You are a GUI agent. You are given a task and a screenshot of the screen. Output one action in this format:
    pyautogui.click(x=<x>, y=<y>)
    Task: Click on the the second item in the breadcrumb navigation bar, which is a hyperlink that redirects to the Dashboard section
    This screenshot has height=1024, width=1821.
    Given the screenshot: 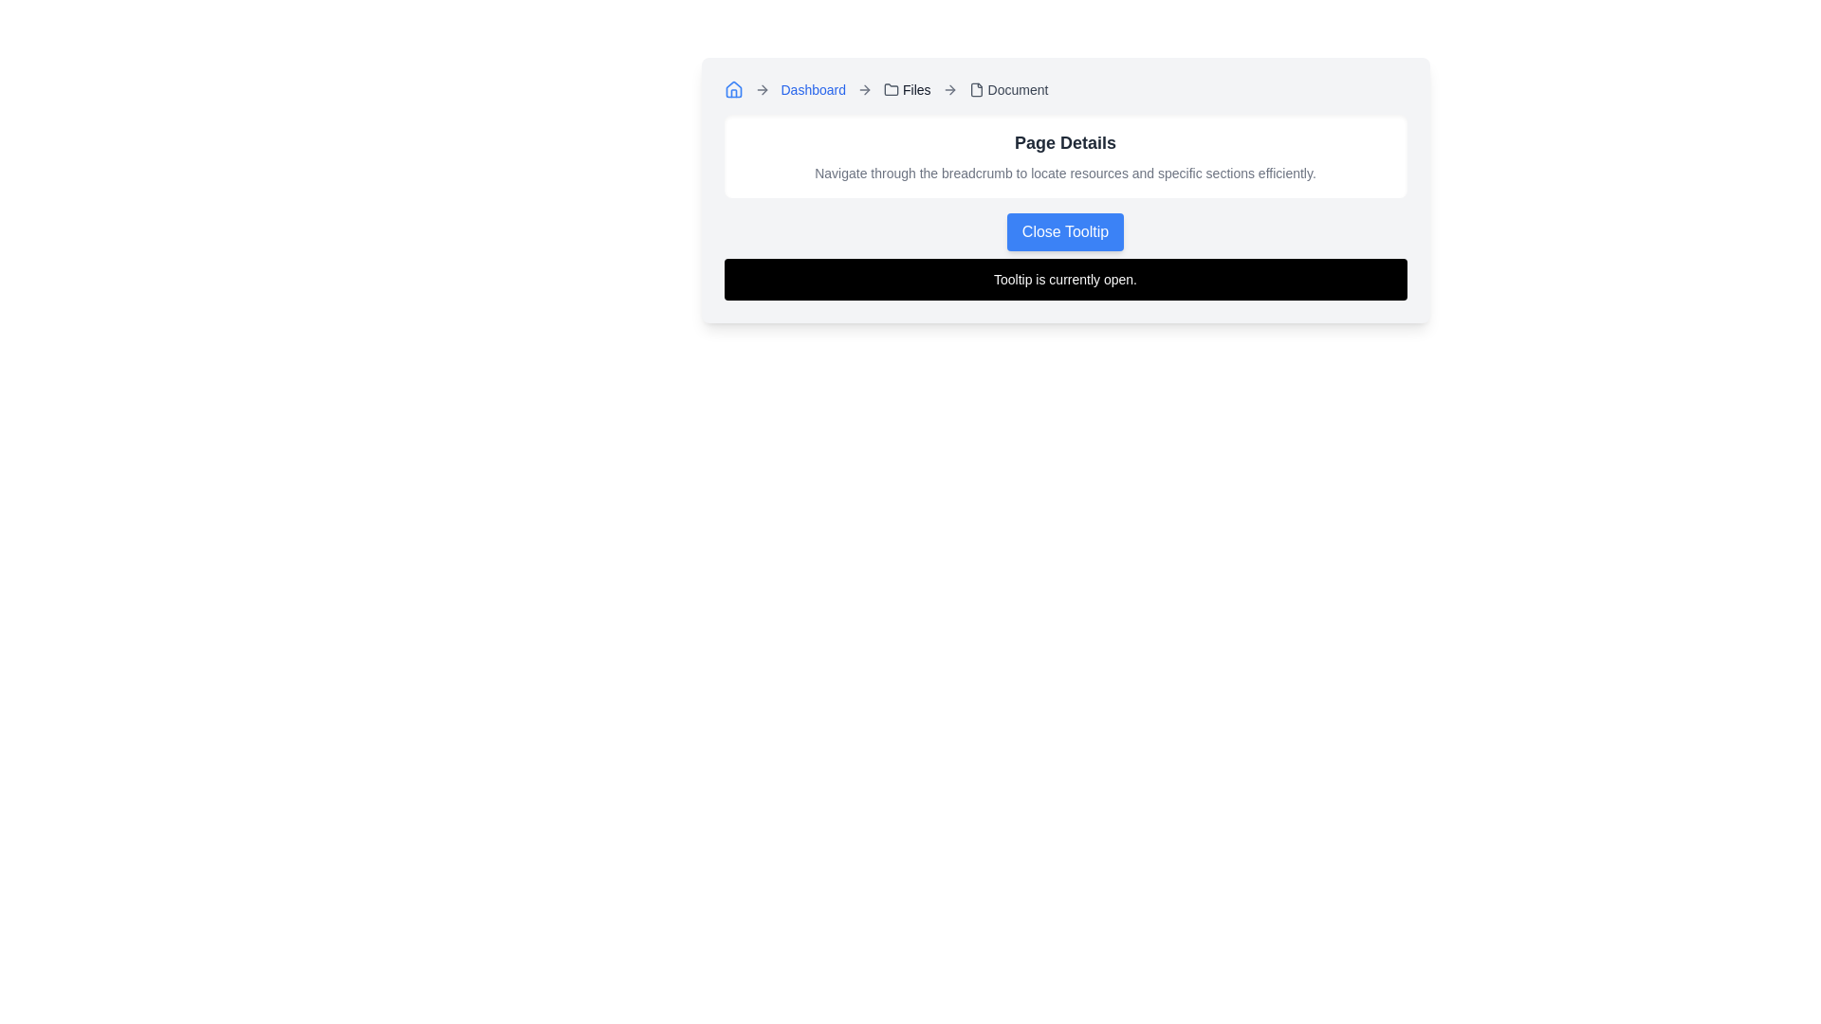 What is the action you would take?
    pyautogui.click(x=813, y=90)
    